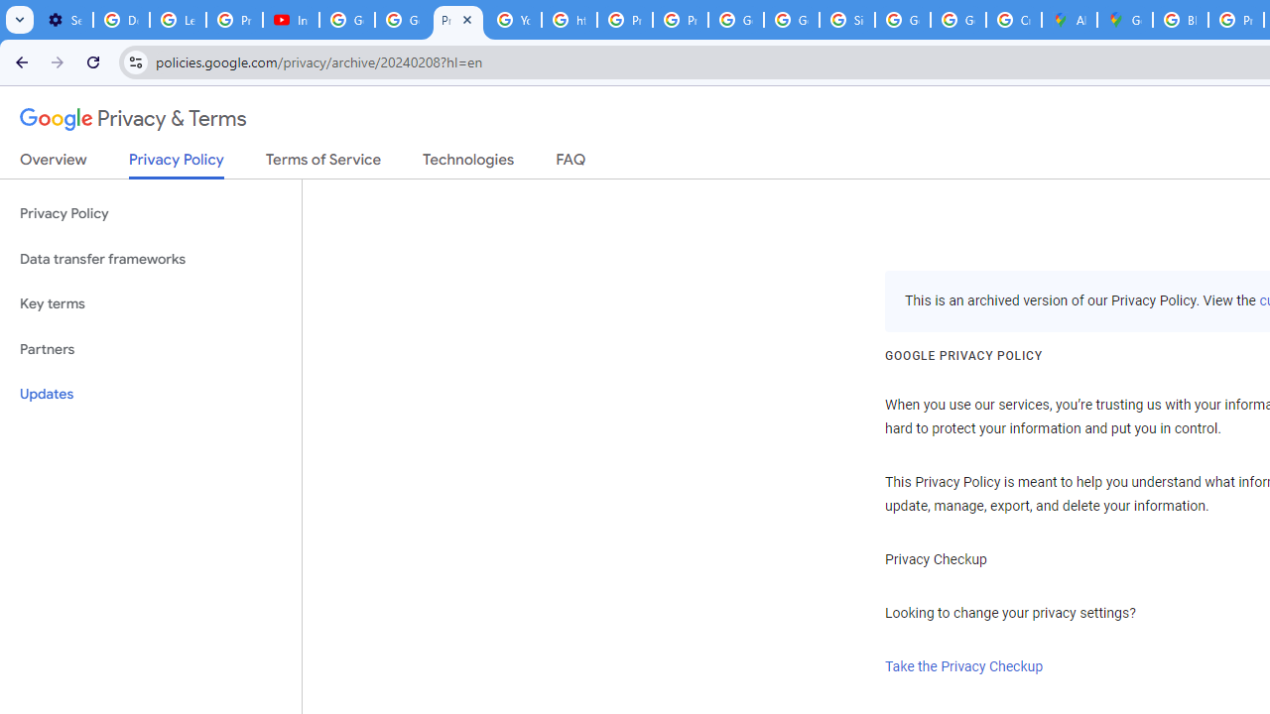 Image resolution: width=1270 pixels, height=714 pixels. Describe the element at coordinates (623, 20) in the screenshot. I see `'Privacy Help Center - Policies Help'` at that location.